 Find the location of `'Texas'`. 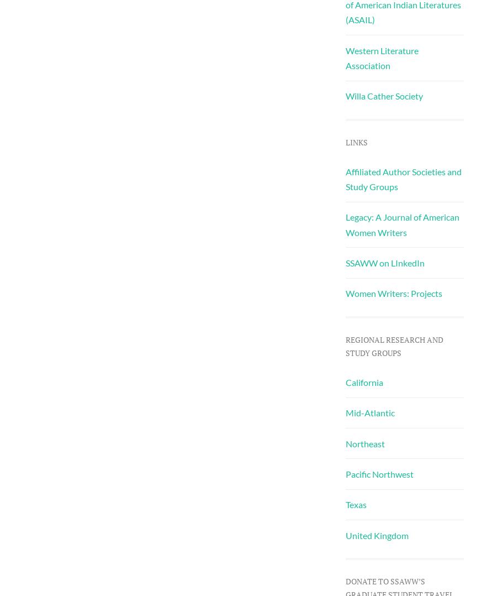

'Texas' is located at coordinates (356, 504).